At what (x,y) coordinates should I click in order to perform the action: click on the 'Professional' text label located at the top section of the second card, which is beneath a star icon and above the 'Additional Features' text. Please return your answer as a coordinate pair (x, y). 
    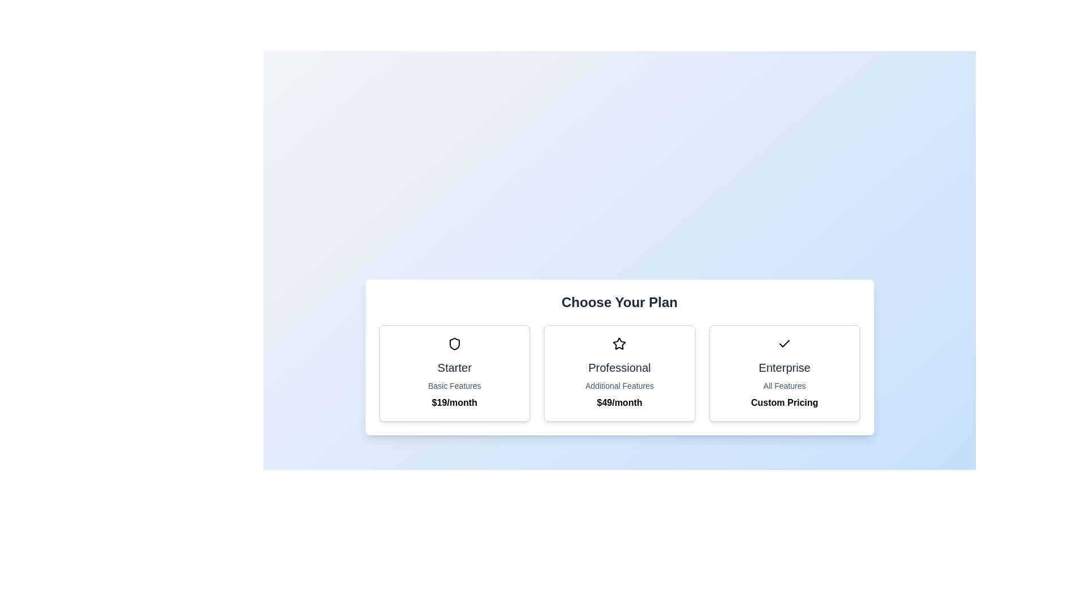
    Looking at the image, I should click on (619, 368).